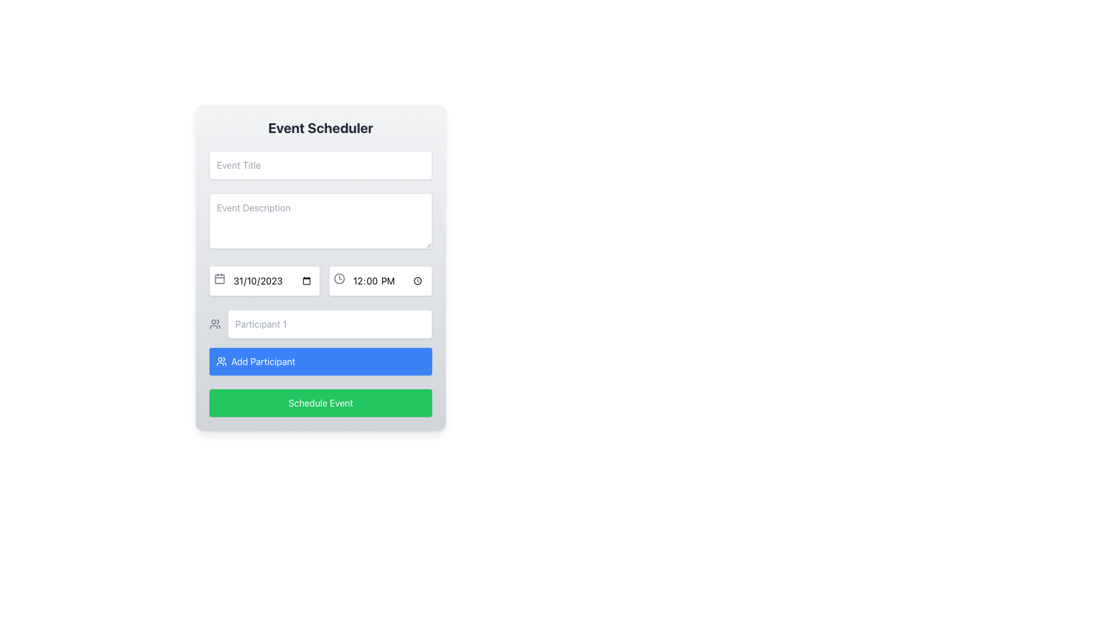 The width and height of the screenshot is (1105, 622). Describe the element at coordinates (380, 281) in the screenshot. I see `the time input field which is styled with a light border and rounded rectangle shape, prefilled with '12:00 PM', and located to the right of the date input field` at that location.